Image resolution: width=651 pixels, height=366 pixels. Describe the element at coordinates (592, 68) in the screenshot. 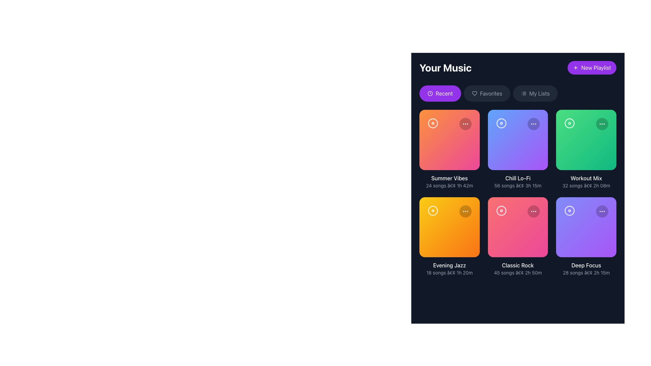

I see `the 'New Playlist' button located in the top-right corner of the interface to observe its hover effect` at that location.